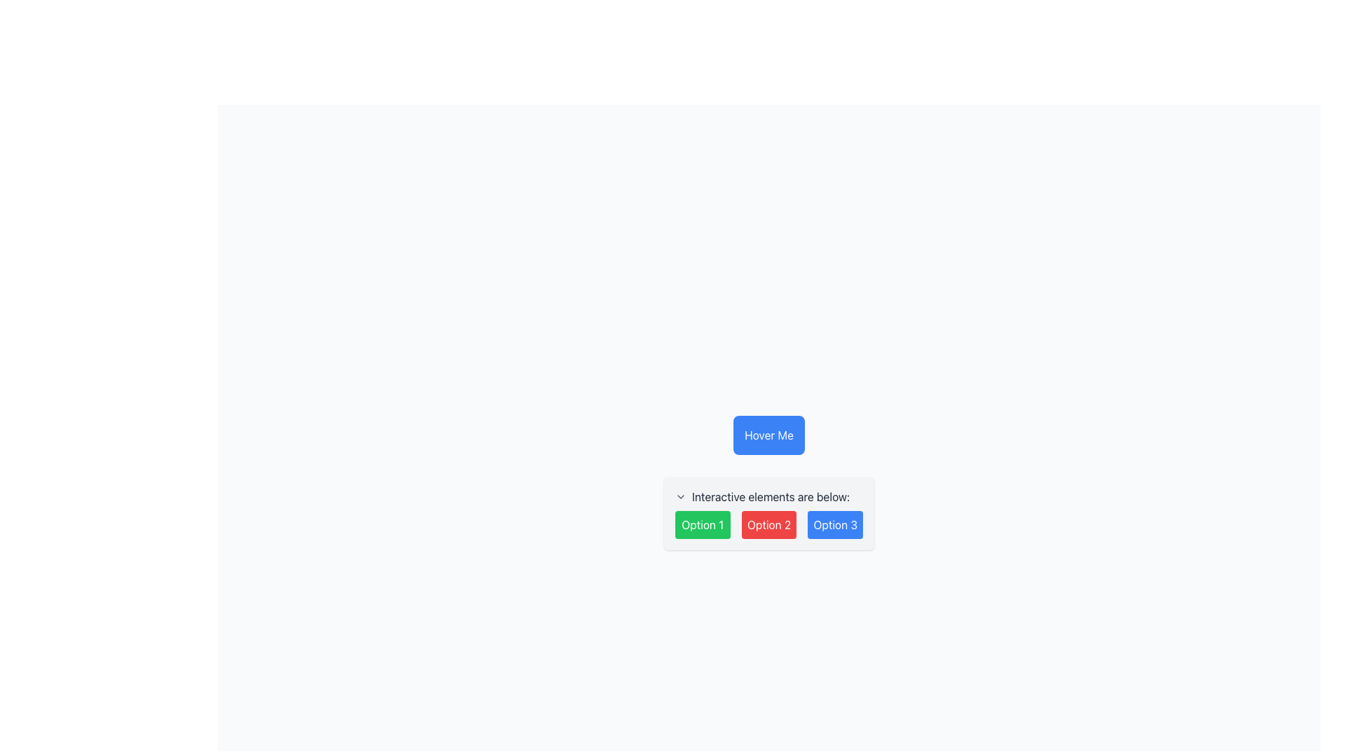  What do you see at coordinates (768, 524) in the screenshot?
I see `the red button labeled 'Option 2' to observe its visual feedback` at bounding box center [768, 524].